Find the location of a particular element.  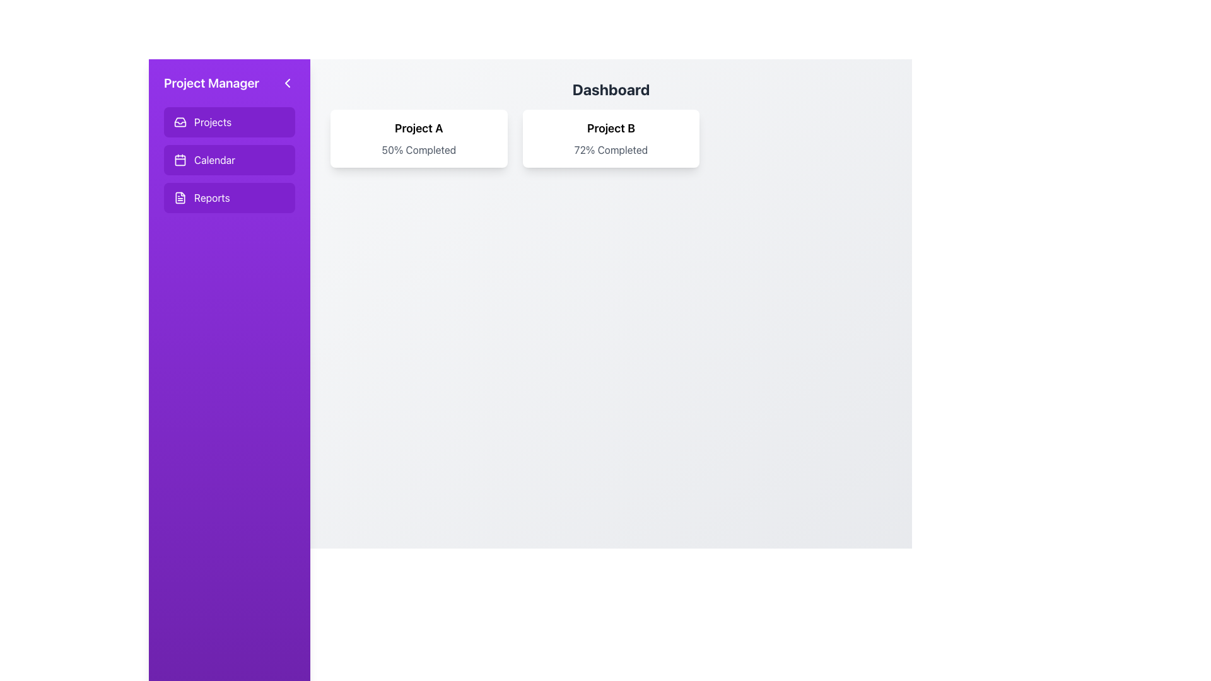

the chevron icon located in the purple sidebar at the top right corner, just below the 'Project Manager' label is located at coordinates (287, 83).